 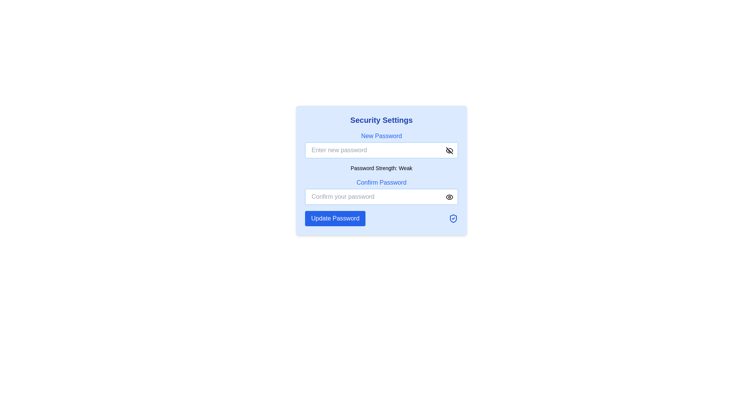 I want to click on the rectangular button with rounded edges that has a blue background and white text reading 'Update Password', so click(x=335, y=219).